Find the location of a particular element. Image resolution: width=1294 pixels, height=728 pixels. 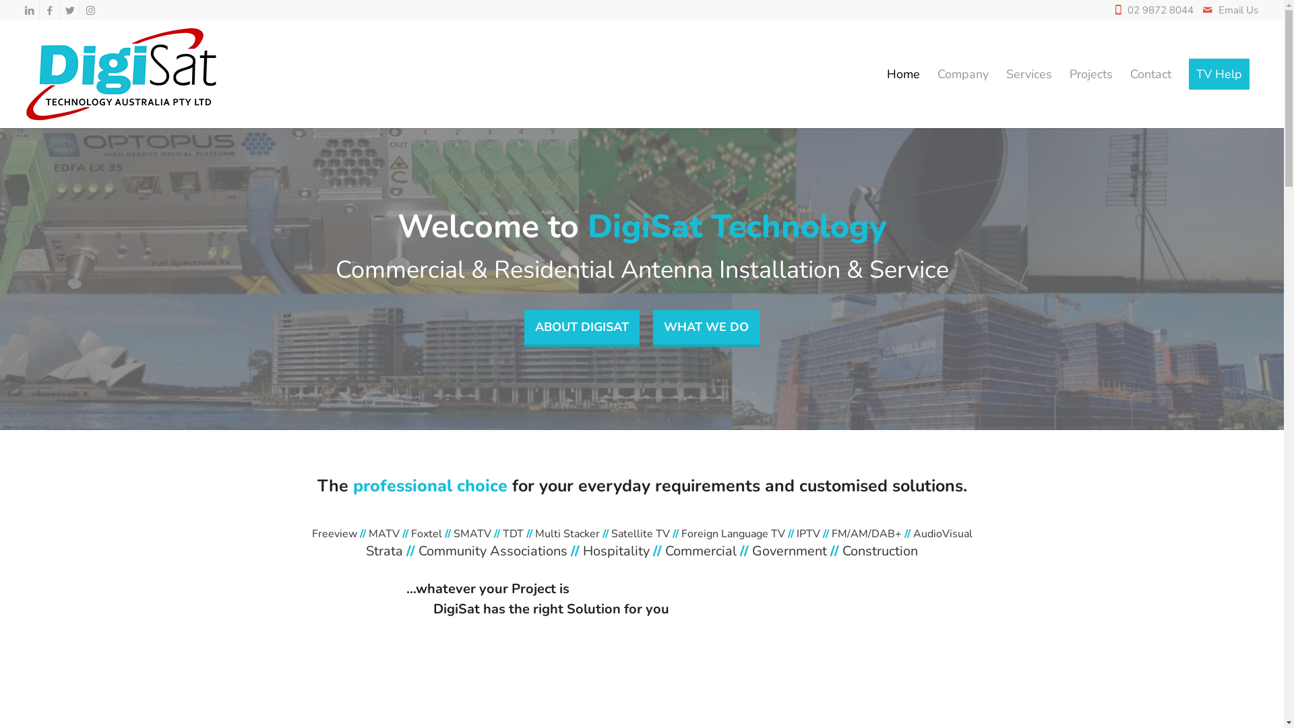

'Twitter' is located at coordinates (69, 10).